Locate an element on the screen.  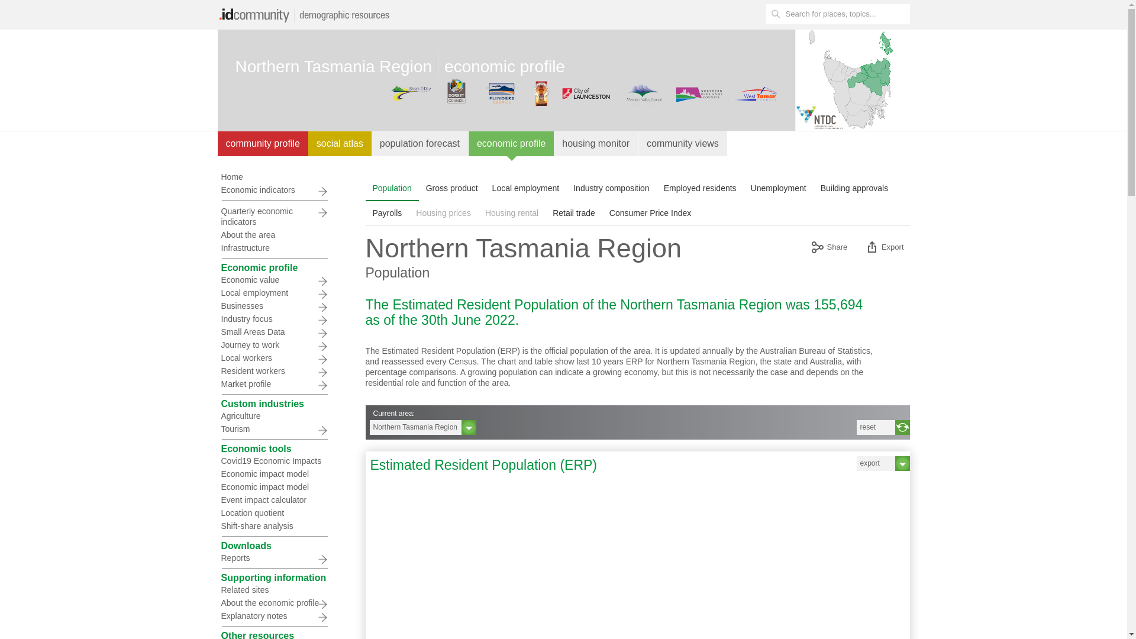
'export' is located at coordinates (883, 463).